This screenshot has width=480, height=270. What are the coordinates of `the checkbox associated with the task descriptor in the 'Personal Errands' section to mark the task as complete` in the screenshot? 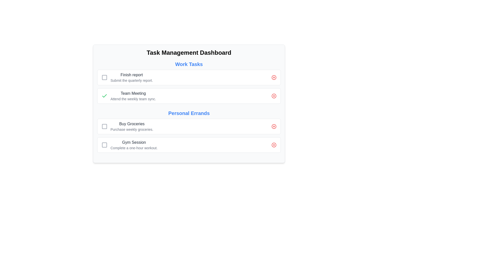 It's located at (129, 145).